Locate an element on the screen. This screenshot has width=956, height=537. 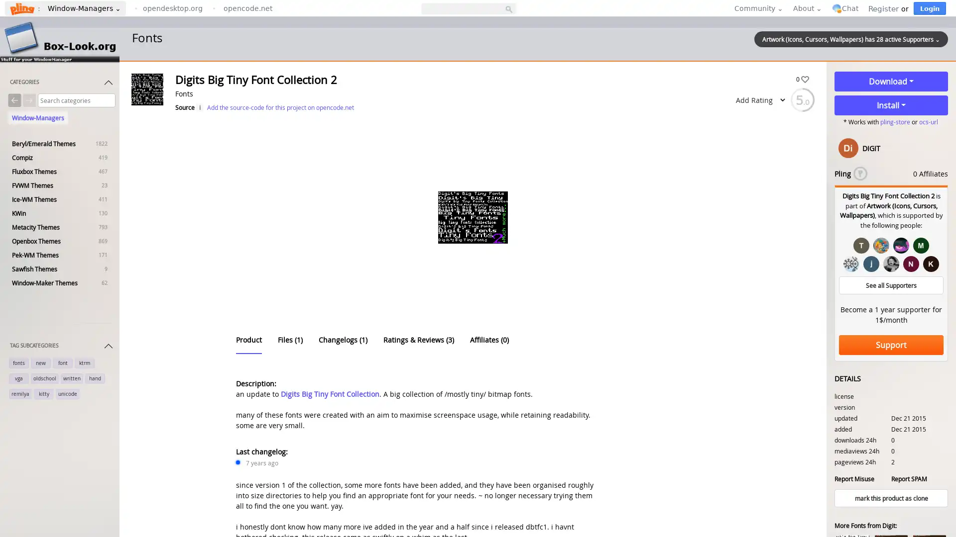
Download is located at coordinates (891, 81).